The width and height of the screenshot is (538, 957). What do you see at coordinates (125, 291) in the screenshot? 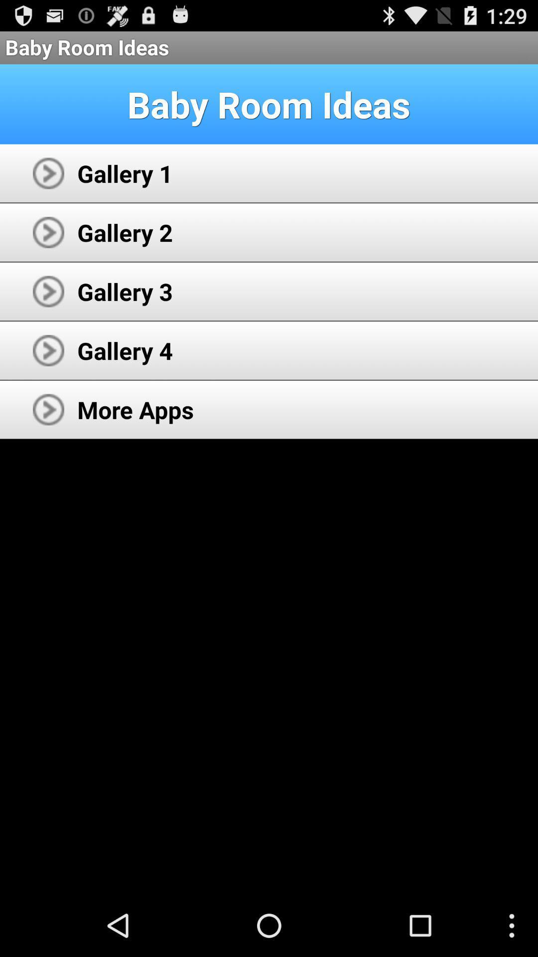
I see `gallery 3 app` at bounding box center [125, 291].